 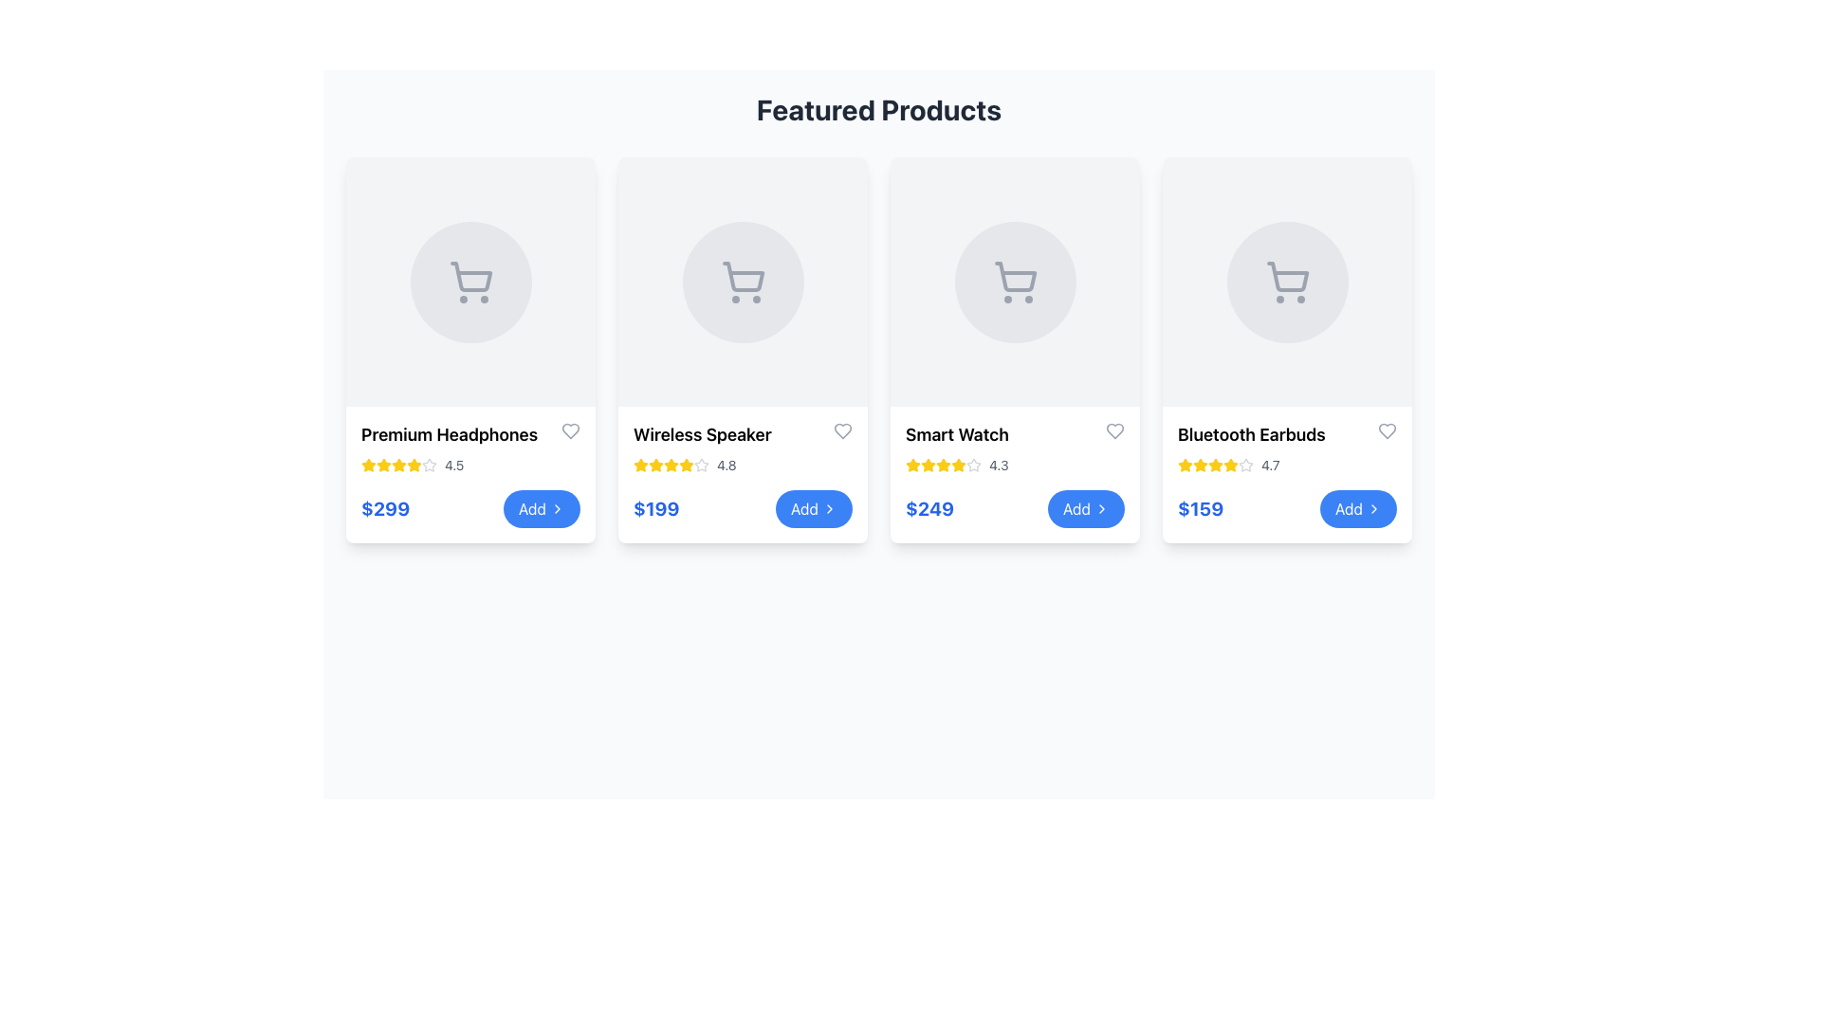 What do you see at coordinates (1200, 465) in the screenshot?
I see `the first star icon below the product title 'Bluetooth Earbuds' in the fourth card of the product grid to interact for rating-related purposes` at bounding box center [1200, 465].